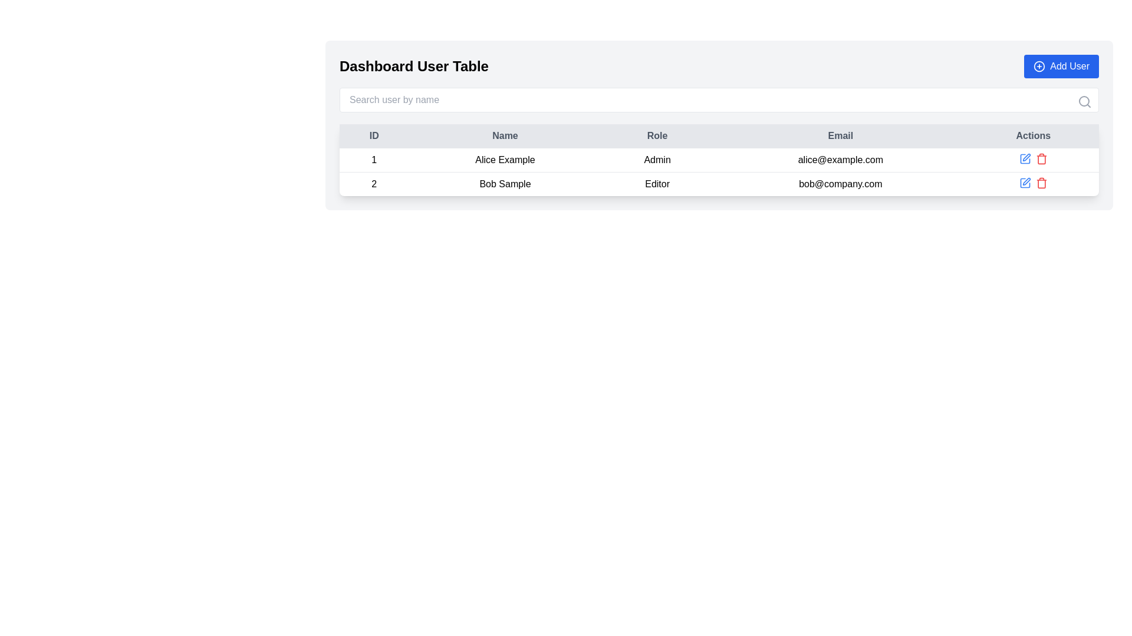  What do you see at coordinates (373, 160) in the screenshot?
I see `the first Table Cell under the 'ID' header, which serves as a unique identifier for the user in the table` at bounding box center [373, 160].